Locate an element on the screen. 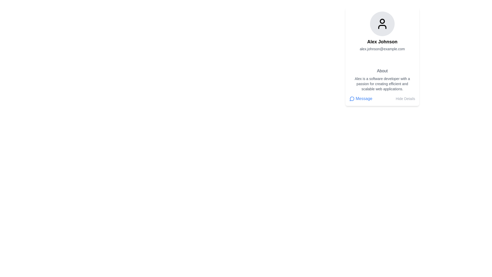 The width and height of the screenshot is (492, 277). the messaging icon located in the lower-left section of the user profile card, which indicates the option for sending messages is located at coordinates (352, 99).